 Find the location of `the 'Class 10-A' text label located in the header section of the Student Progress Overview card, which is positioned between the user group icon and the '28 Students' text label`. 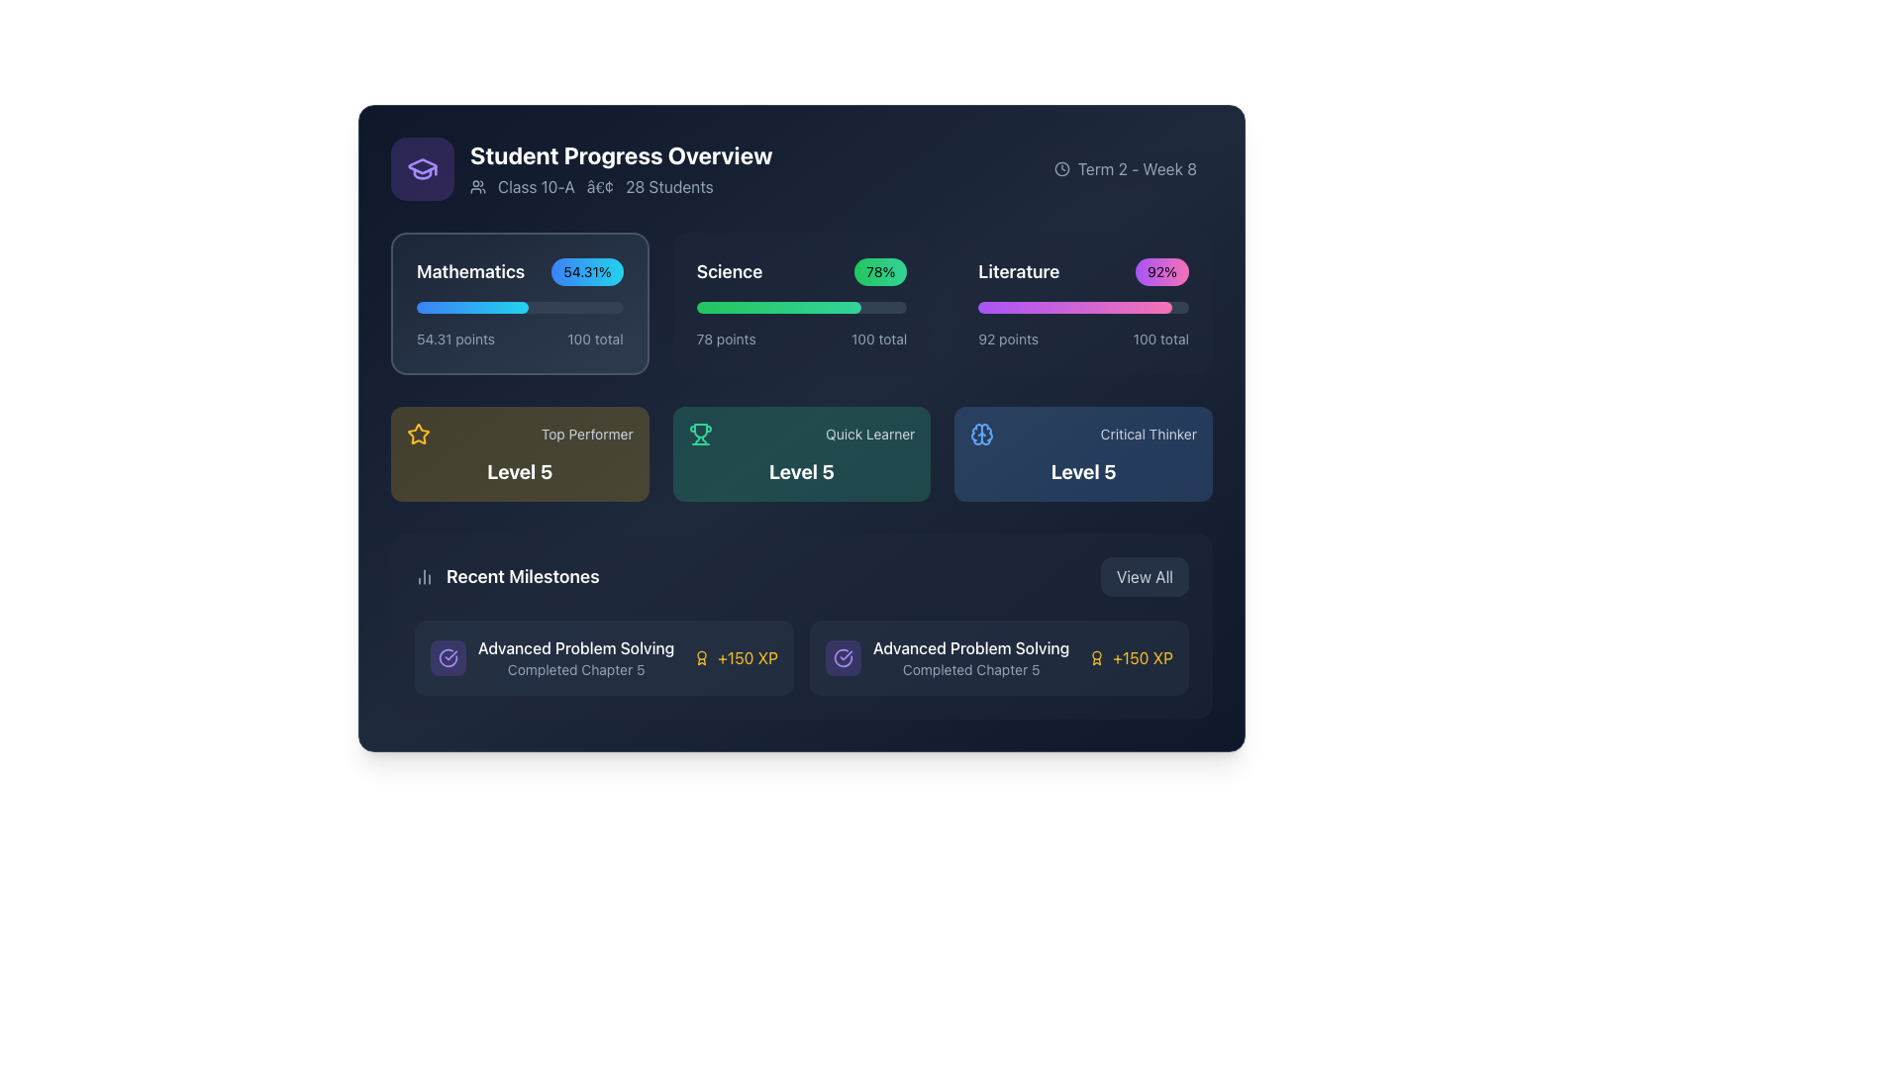

the 'Class 10-A' text label located in the header section of the Student Progress Overview card, which is positioned between the user group icon and the '28 Students' text label is located at coordinates (537, 187).